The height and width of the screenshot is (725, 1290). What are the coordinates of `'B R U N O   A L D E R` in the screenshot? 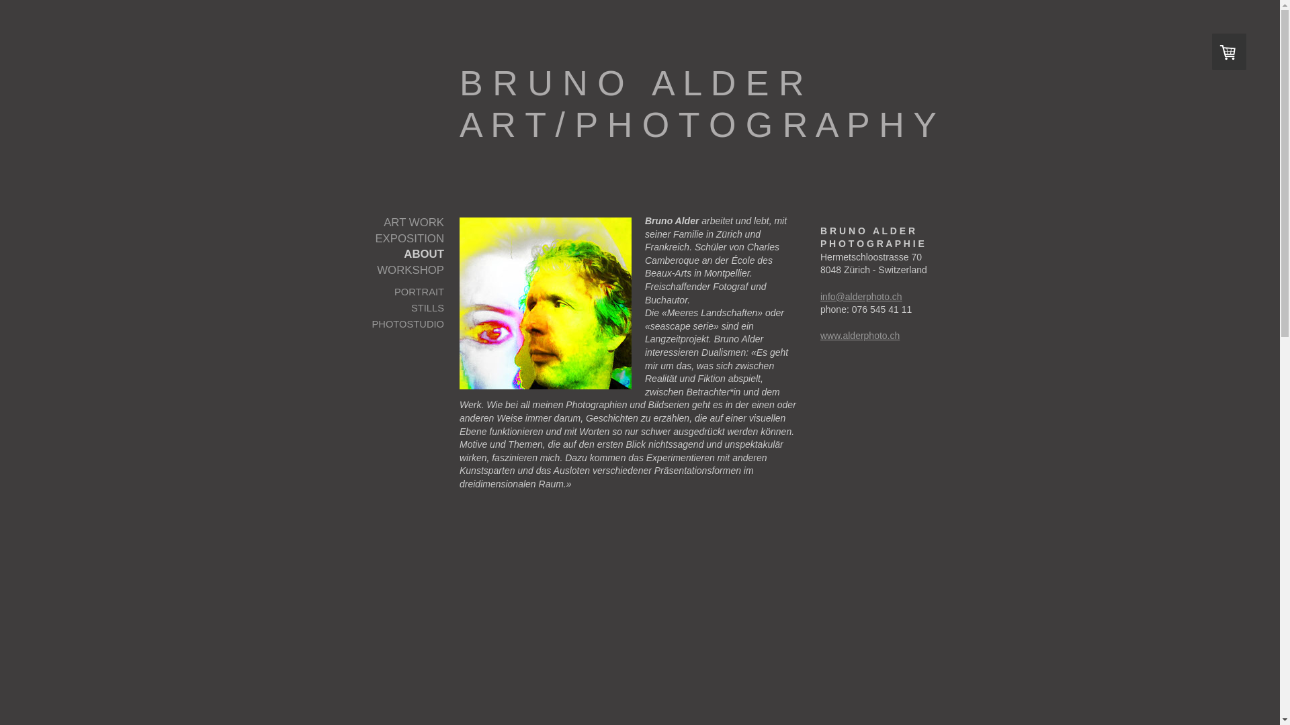 It's located at (703, 13).